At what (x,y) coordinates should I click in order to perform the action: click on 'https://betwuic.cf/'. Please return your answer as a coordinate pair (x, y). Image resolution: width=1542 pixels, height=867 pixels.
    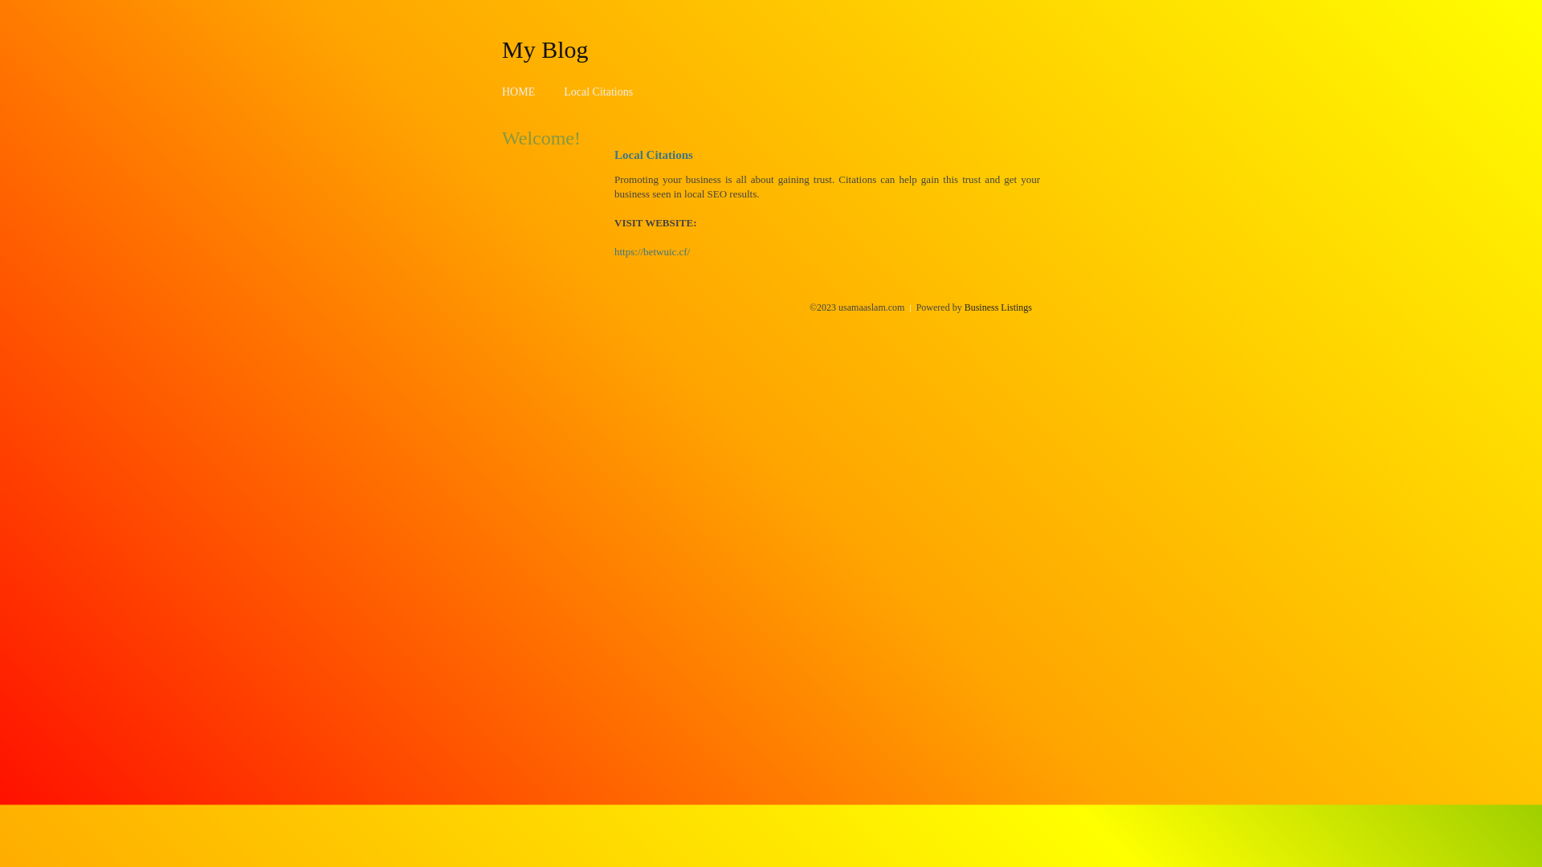
    Looking at the image, I should click on (651, 251).